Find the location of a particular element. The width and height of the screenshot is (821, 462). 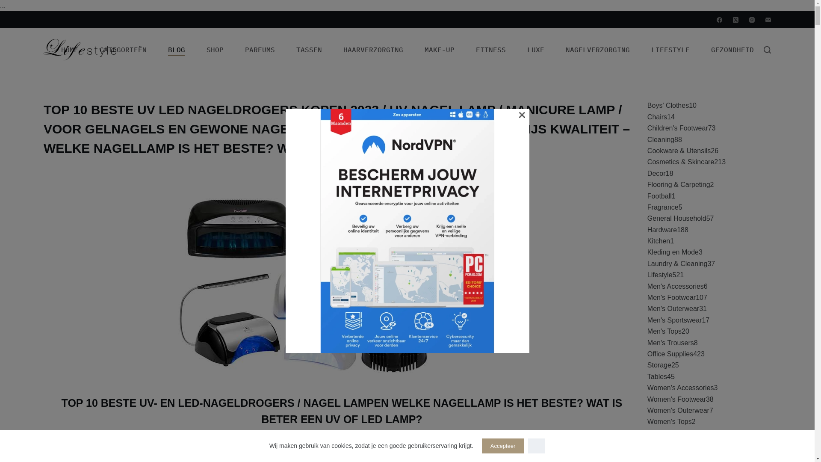

'Accessoires' is located at coordinates (647, 444).